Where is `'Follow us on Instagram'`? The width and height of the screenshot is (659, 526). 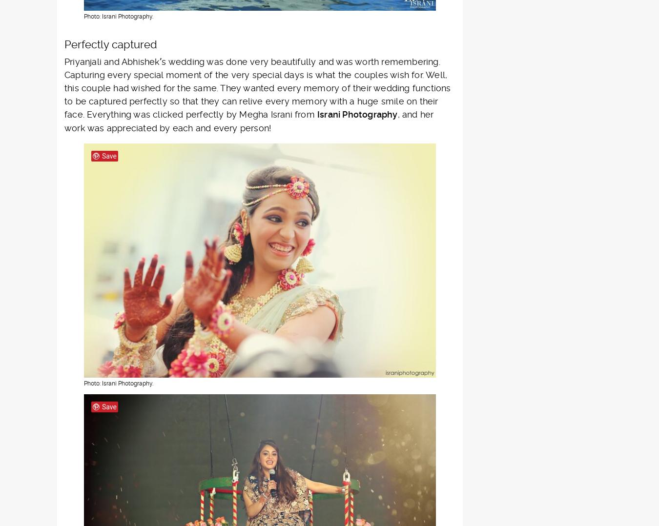 'Follow us on Instagram' is located at coordinates (334, 307).